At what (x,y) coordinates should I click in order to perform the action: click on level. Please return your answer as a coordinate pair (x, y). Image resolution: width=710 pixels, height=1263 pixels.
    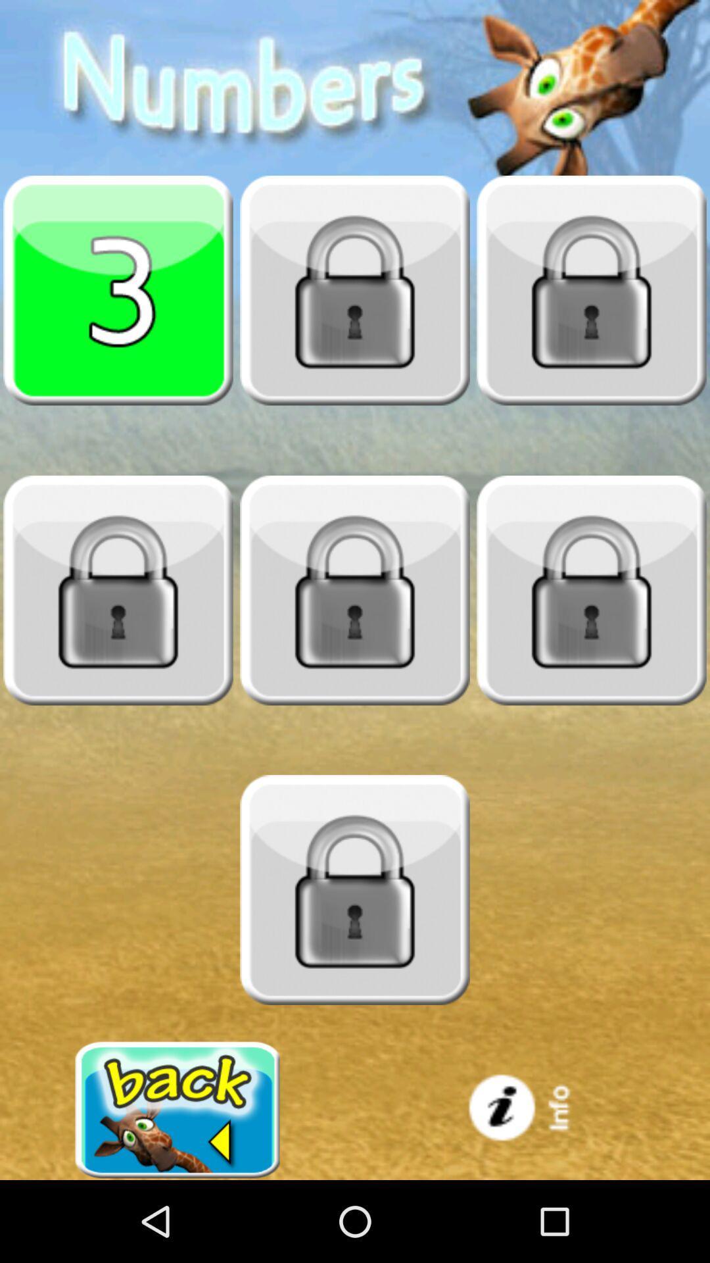
    Looking at the image, I should click on (118, 589).